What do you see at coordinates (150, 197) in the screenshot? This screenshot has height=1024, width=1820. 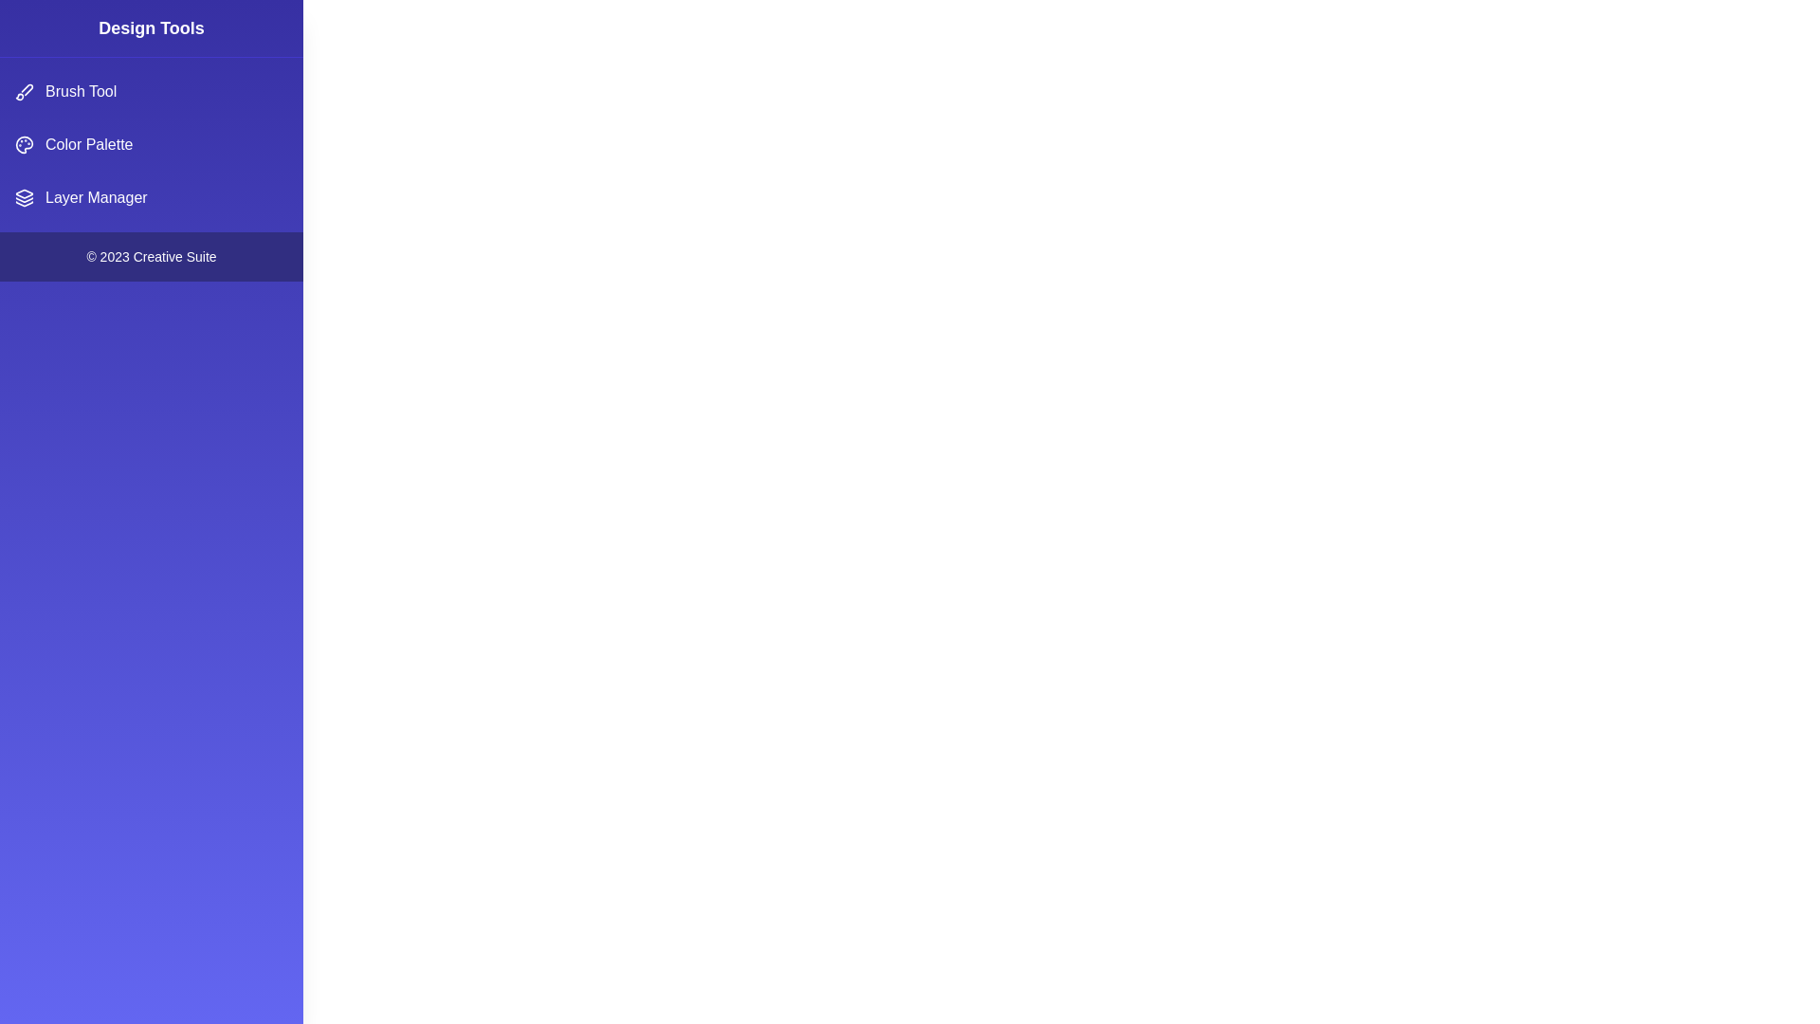 I see `the 'Layer Manager' option in the menu` at bounding box center [150, 197].